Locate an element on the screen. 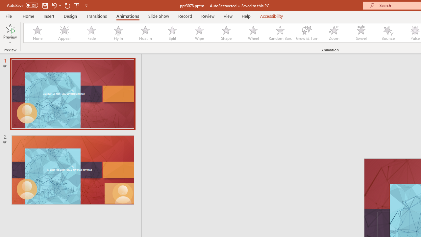  'Random Bars' is located at coordinates (280, 33).